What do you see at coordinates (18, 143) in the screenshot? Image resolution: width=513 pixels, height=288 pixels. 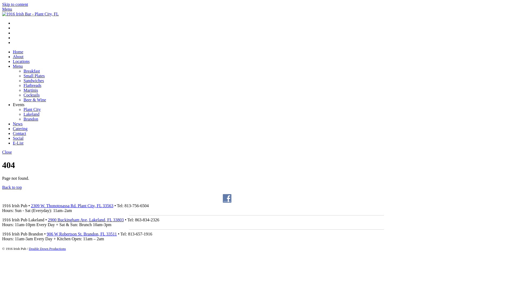 I see `'E-List'` at bounding box center [18, 143].